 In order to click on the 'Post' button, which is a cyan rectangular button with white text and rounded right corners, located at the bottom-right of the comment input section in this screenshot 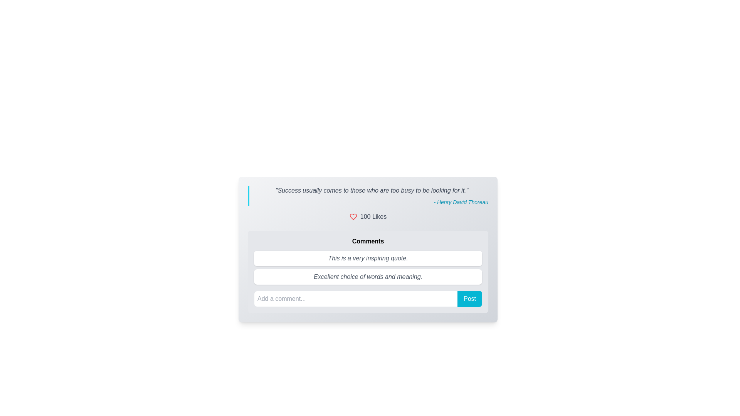, I will do `click(469, 298)`.